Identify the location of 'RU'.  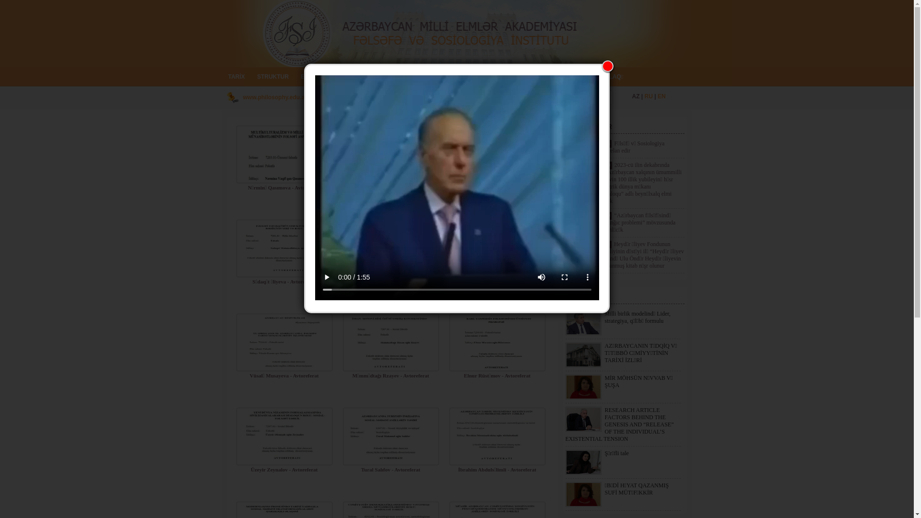
(649, 96).